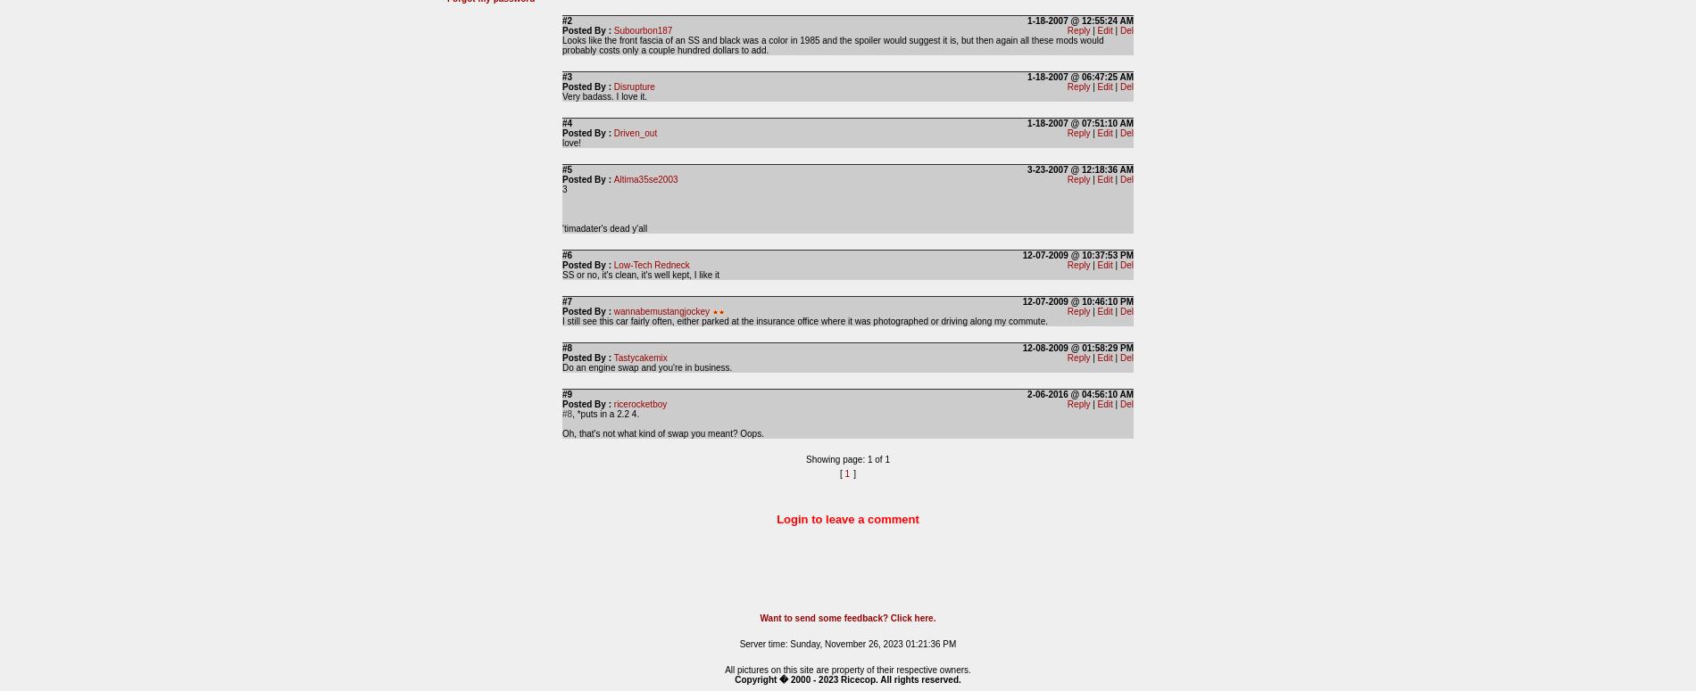 Image resolution: width=1696 pixels, height=691 pixels. Describe the element at coordinates (567, 169) in the screenshot. I see `'#5'` at that location.